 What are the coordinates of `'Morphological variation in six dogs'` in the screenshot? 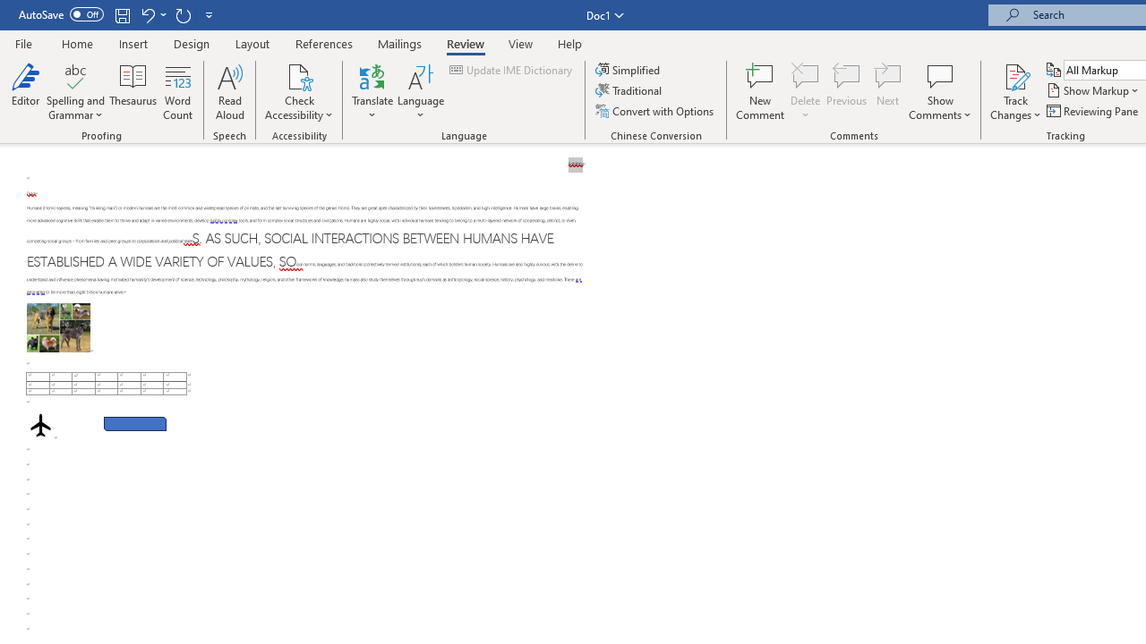 It's located at (58, 327).